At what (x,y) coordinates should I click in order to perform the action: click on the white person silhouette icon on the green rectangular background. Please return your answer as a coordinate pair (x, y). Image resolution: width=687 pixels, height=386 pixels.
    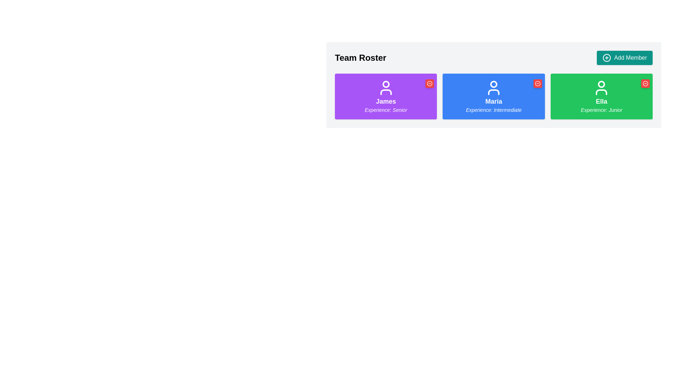
    Looking at the image, I should click on (601, 88).